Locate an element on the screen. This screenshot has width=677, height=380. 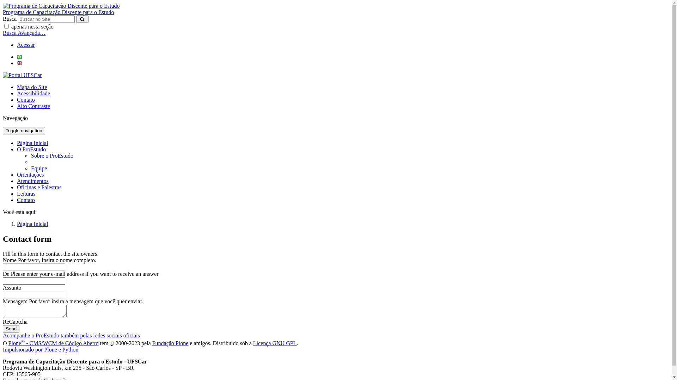
'Oficinas e Palestras' is located at coordinates (17, 187).